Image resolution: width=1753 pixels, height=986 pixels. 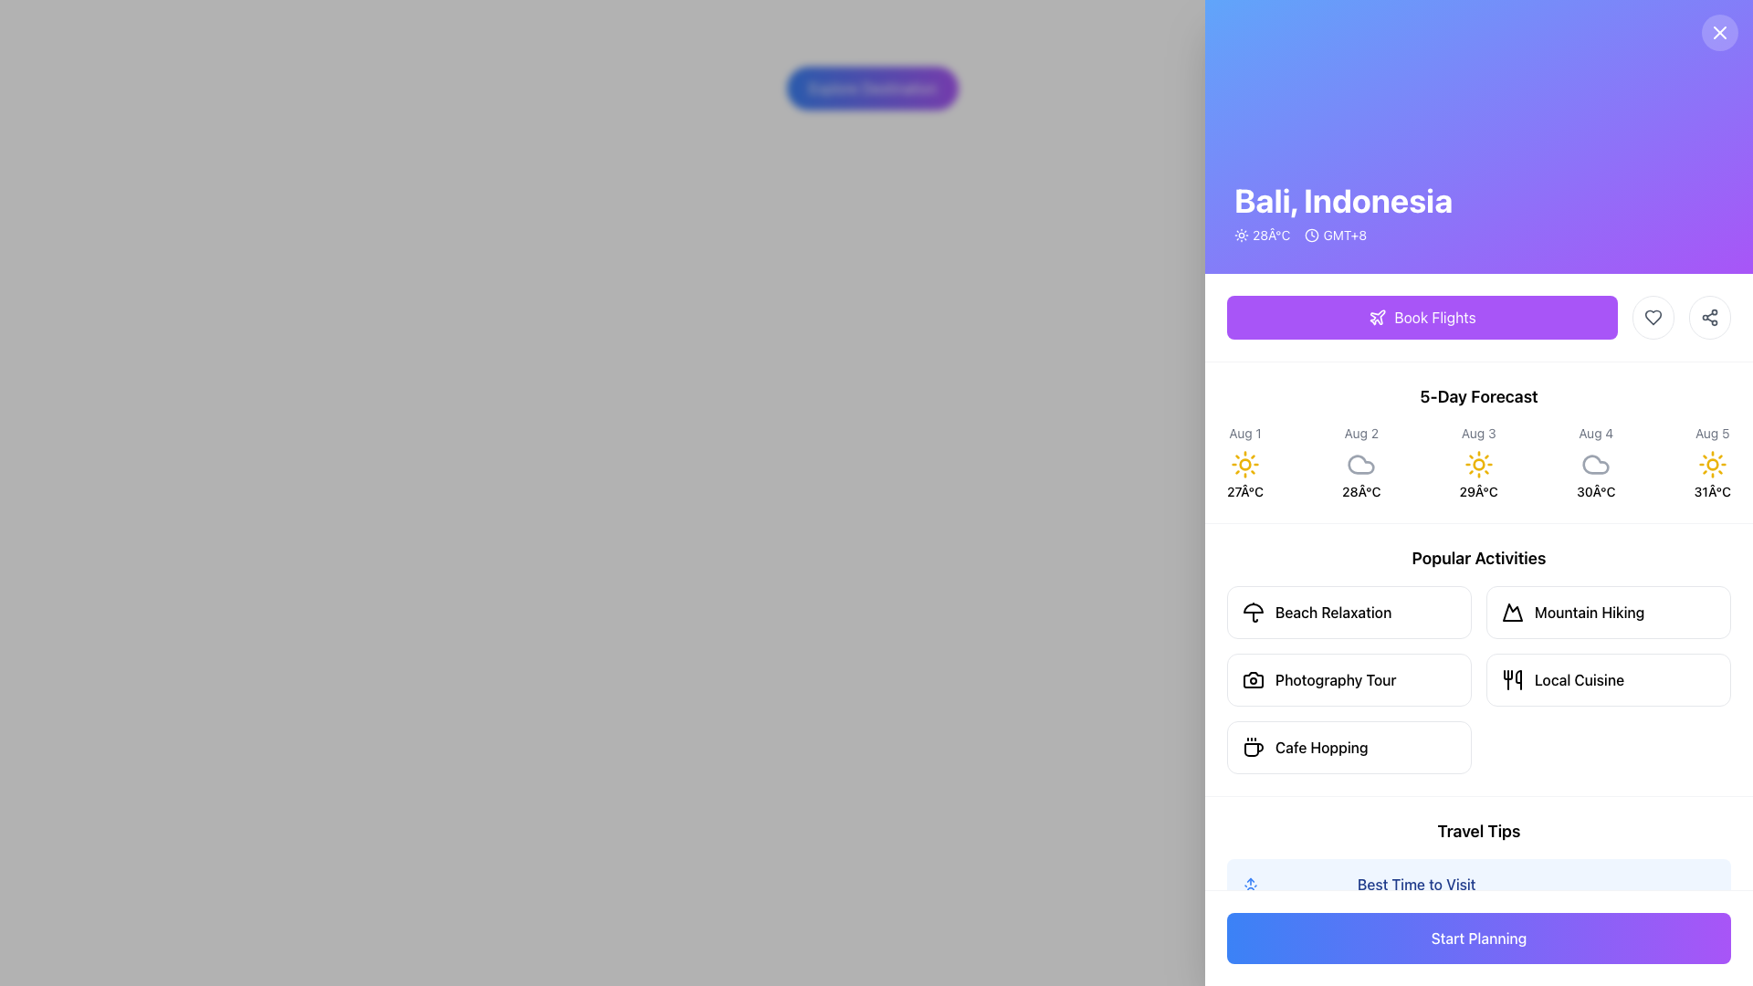 What do you see at coordinates (1349, 613) in the screenshot?
I see `the 'Beach Relaxation' button in the 'Popular Activities' section` at bounding box center [1349, 613].